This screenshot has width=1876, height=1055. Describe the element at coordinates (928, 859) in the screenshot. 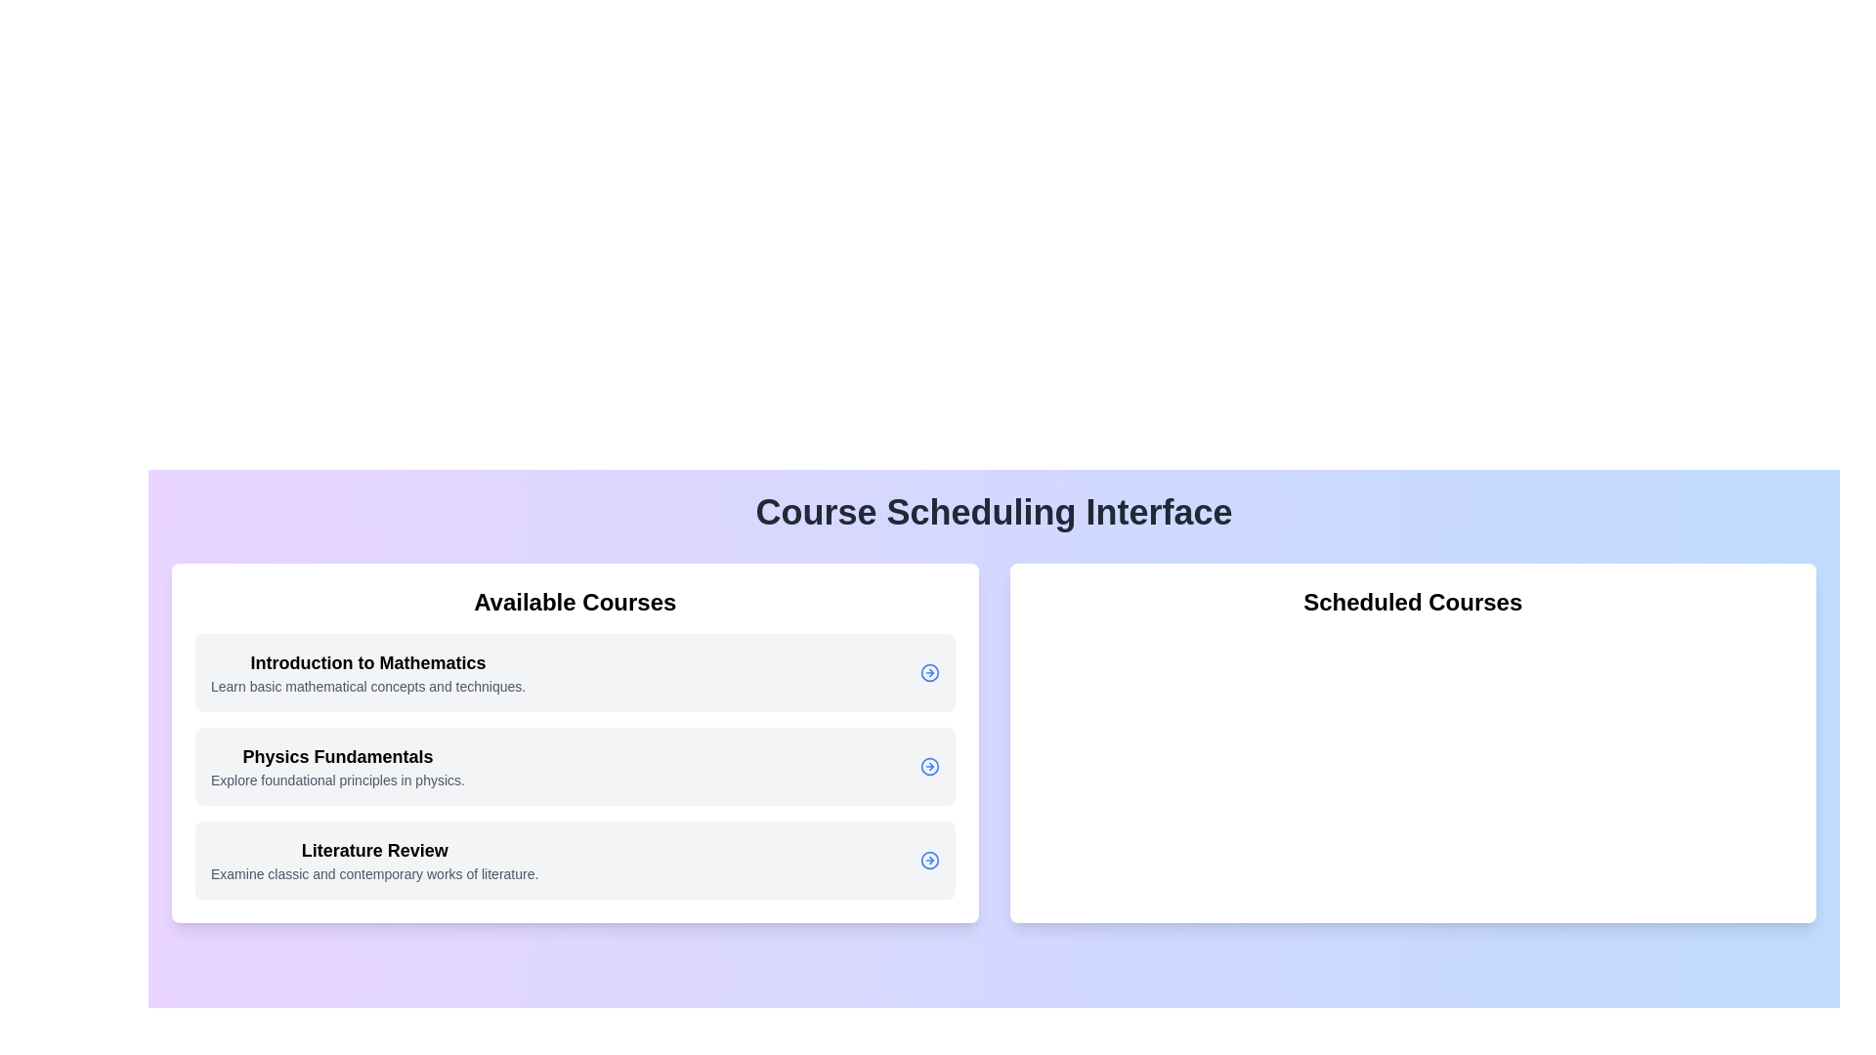

I see `the blue circular arrow icon on the far-right side of the 'Literature Review' course section to interact with the course` at that location.